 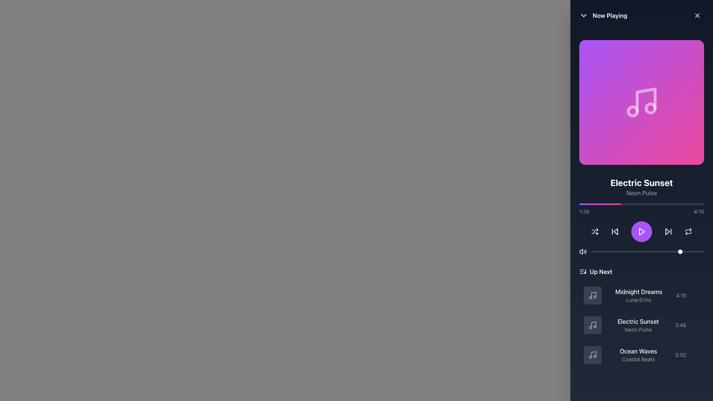 What do you see at coordinates (595, 231) in the screenshot?
I see `the shuffle icon, which resembles two crossed arrows and is the first button in a row of control buttons below the progress bar` at bounding box center [595, 231].